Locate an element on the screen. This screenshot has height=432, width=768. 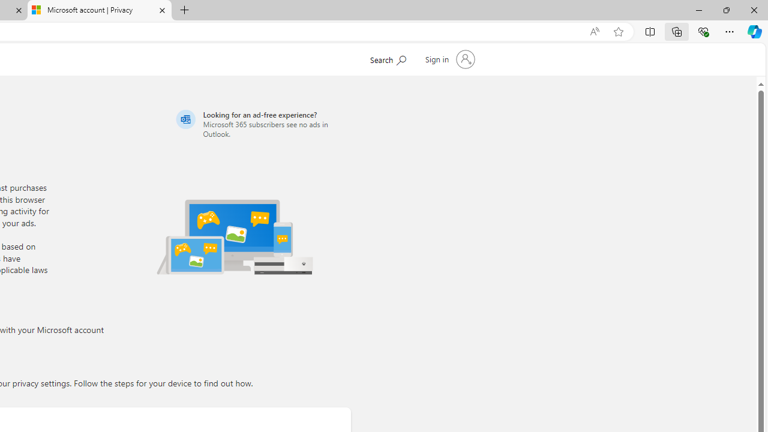
'Illustration of multiple devices' is located at coordinates (235, 236).